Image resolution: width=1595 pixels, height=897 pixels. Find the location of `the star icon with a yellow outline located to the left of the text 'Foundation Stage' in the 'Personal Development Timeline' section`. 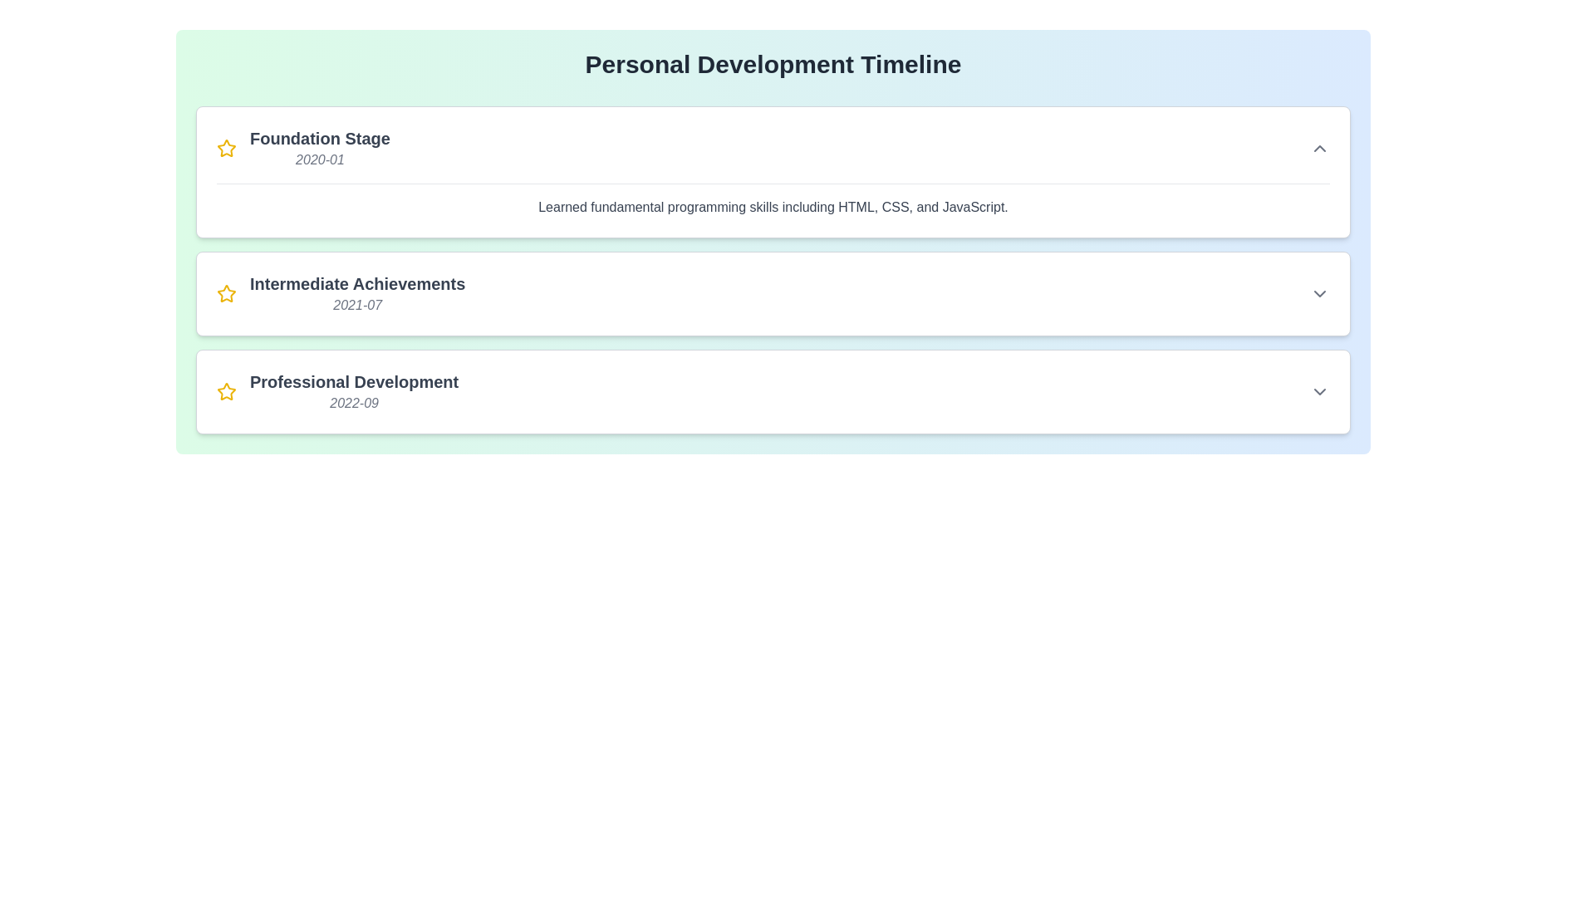

the star icon with a yellow outline located to the left of the text 'Foundation Stage' in the 'Personal Development Timeline' section is located at coordinates (226, 147).